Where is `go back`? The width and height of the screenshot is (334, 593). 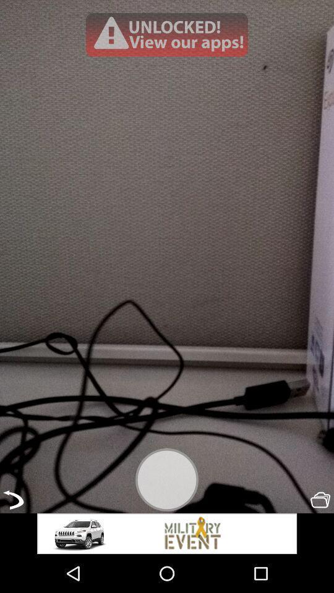 go back is located at coordinates (12, 500).